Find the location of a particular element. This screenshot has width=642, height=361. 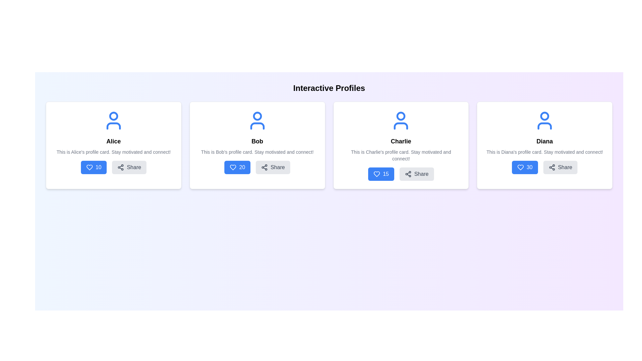

the heart icon located in the profile card of Alice, positioned at the bottom left corner next to the '10' count text is located at coordinates (89, 167).